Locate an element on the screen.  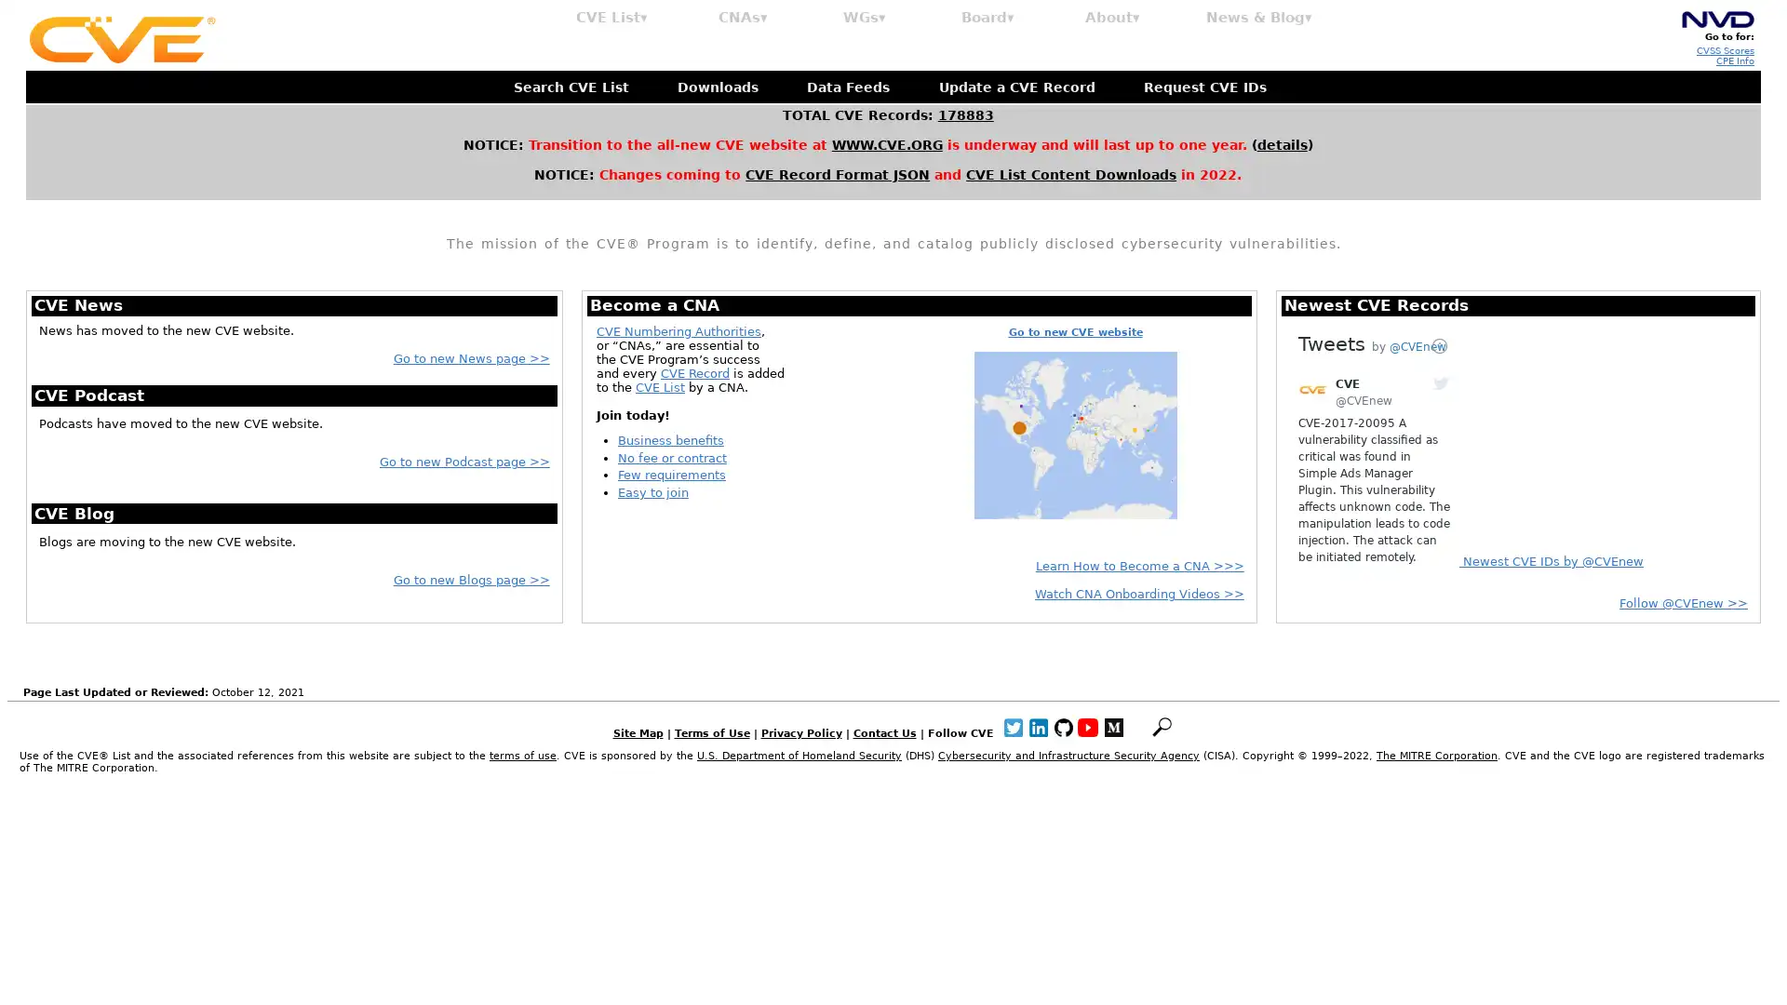
Board is located at coordinates (987, 18).